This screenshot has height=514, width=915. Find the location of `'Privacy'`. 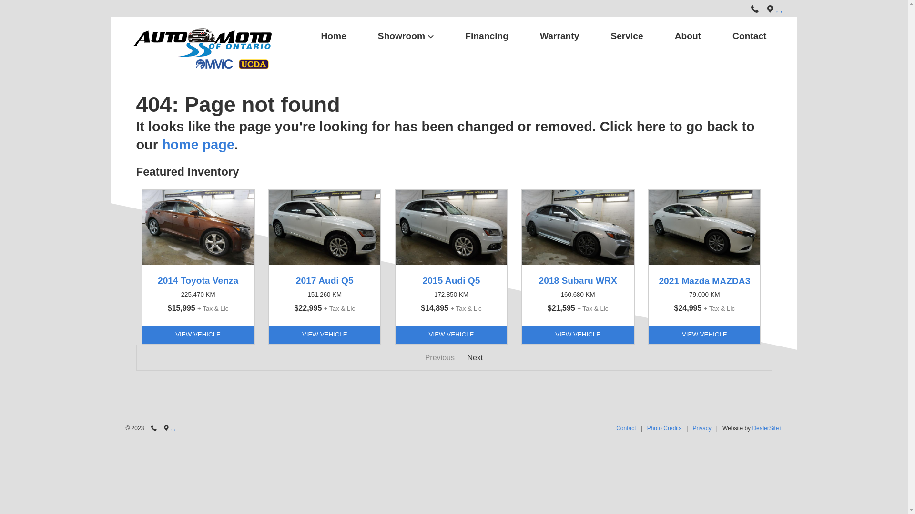

'Privacy' is located at coordinates (701, 428).